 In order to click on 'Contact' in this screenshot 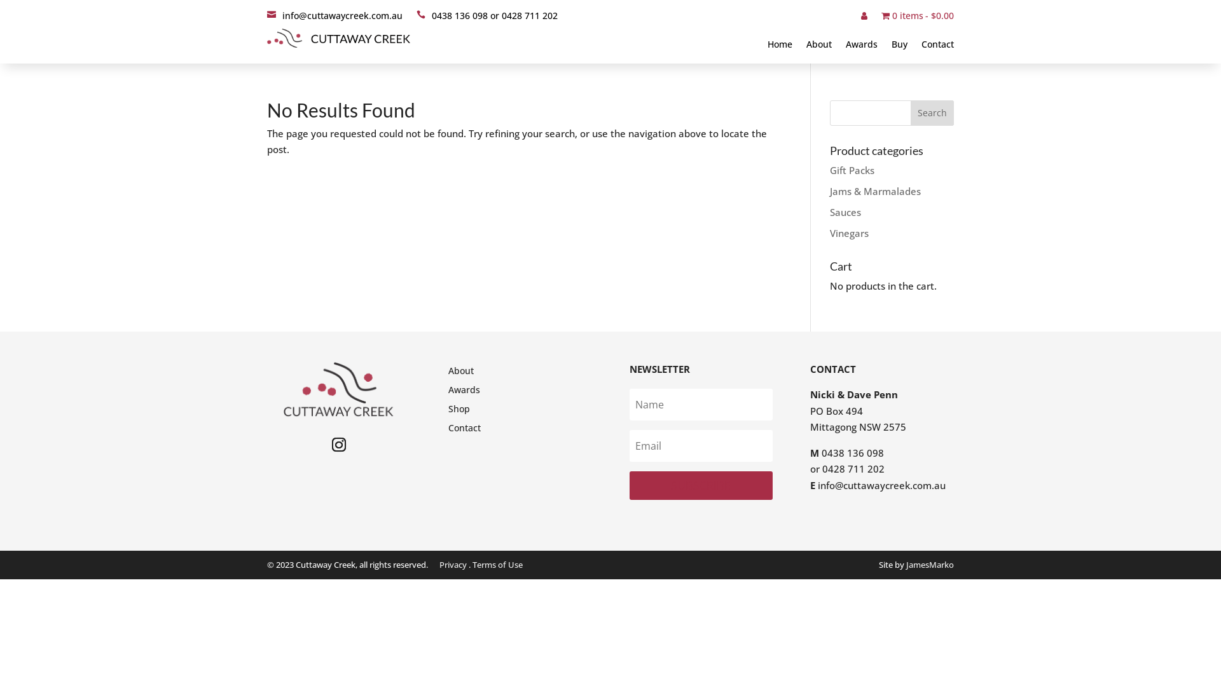, I will do `click(937, 46)`.